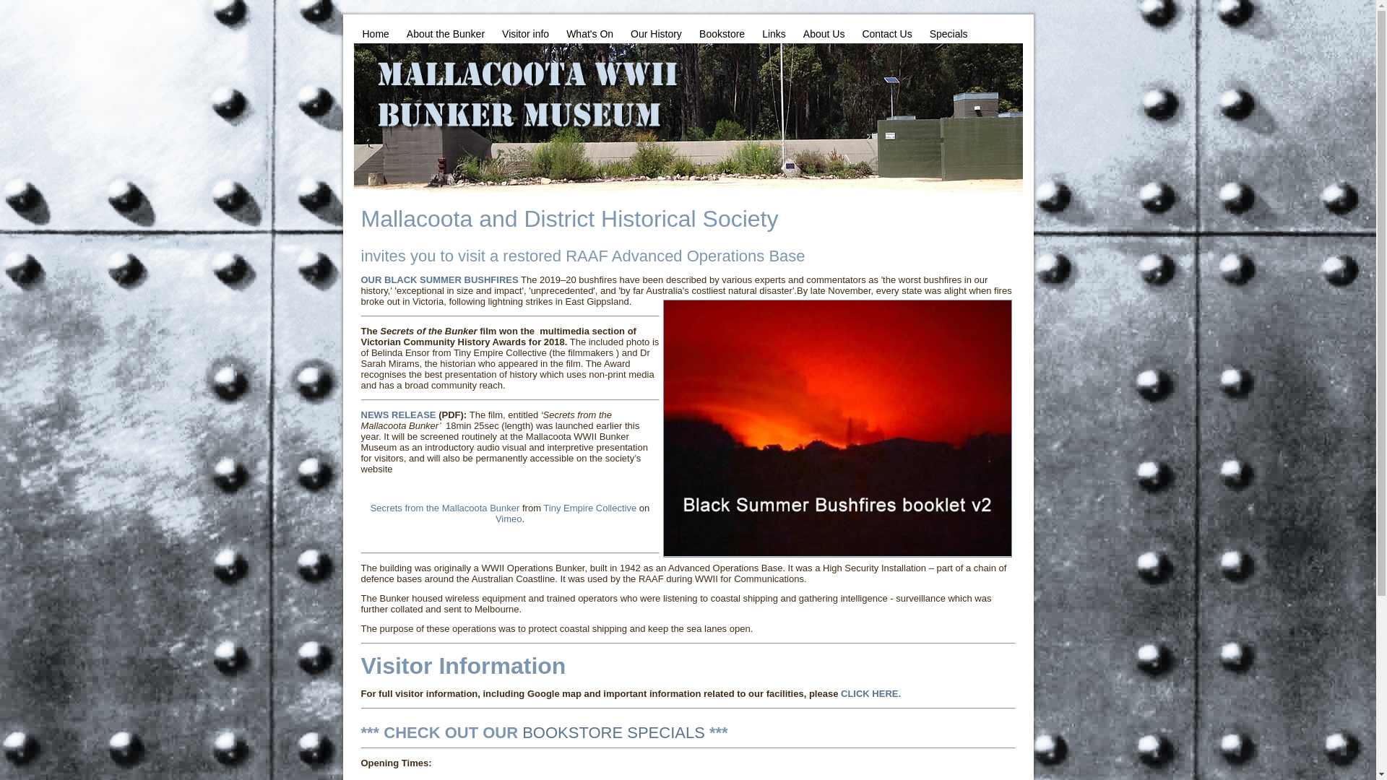  I want to click on 'Visitor info', so click(524, 33).